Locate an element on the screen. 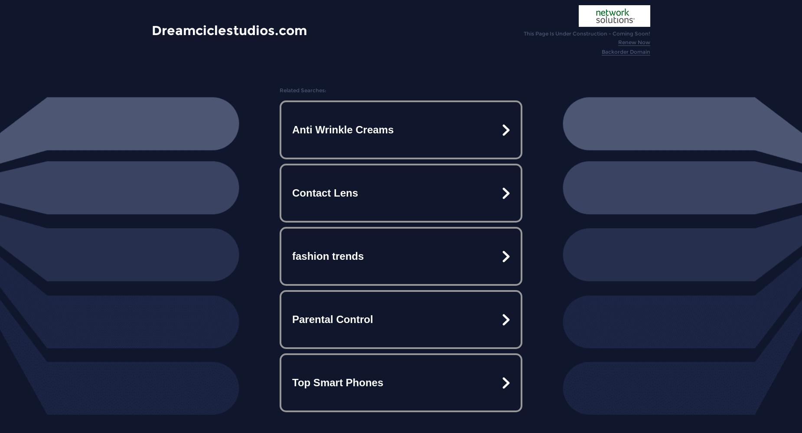 This screenshot has width=802, height=433. 'fashion trends' is located at coordinates (328, 255).